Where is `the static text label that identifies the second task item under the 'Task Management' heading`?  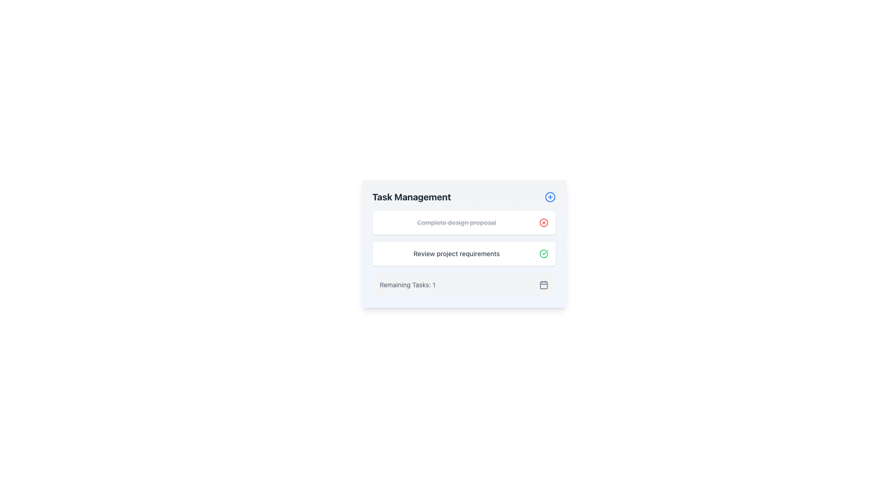
the static text label that identifies the second task item under the 'Task Management' heading is located at coordinates (456, 254).